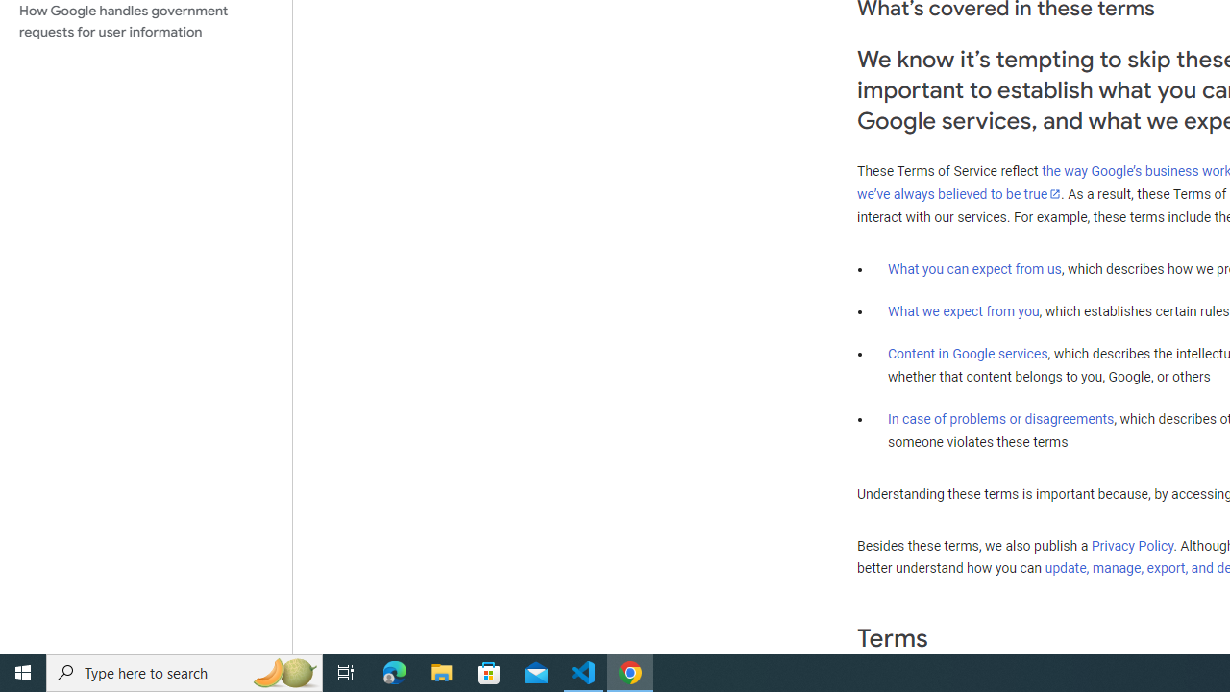 This screenshot has height=692, width=1230. What do you see at coordinates (1132, 545) in the screenshot?
I see `'Privacy Policy'` at bounding box center [1132, 545].